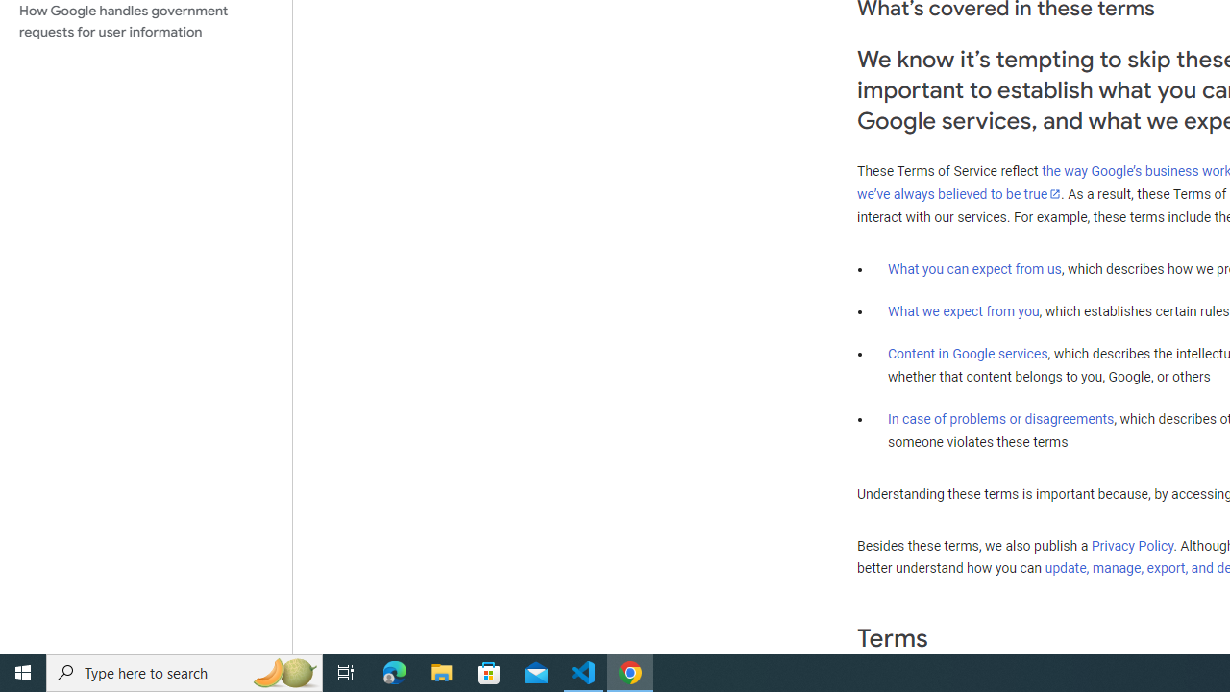 This screenshot has height=692, width=1230. What do you see at coordinates (1132, 545) in the screenshot?
I see `'Privacy Policy'` at bounding box center [1132, 545].